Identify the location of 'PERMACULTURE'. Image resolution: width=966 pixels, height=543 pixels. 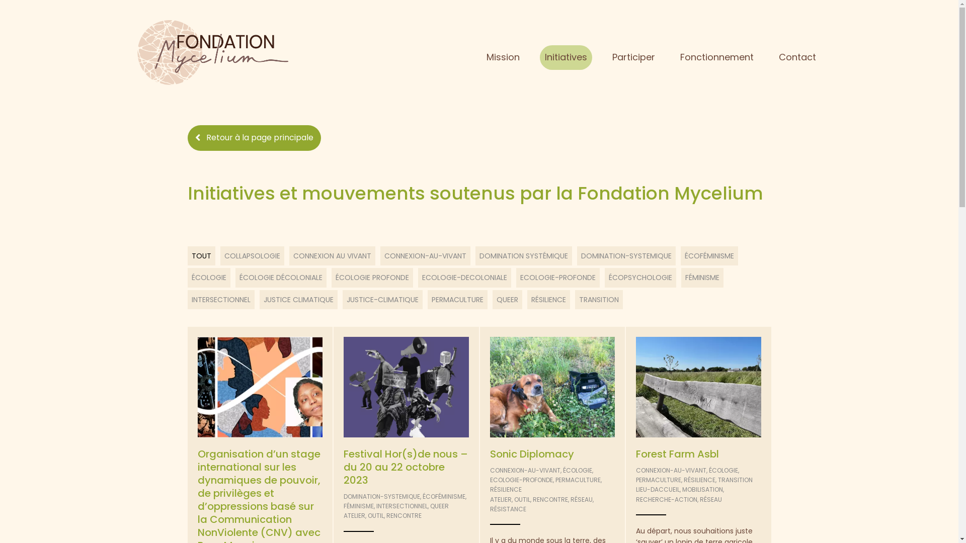
(578, 479).